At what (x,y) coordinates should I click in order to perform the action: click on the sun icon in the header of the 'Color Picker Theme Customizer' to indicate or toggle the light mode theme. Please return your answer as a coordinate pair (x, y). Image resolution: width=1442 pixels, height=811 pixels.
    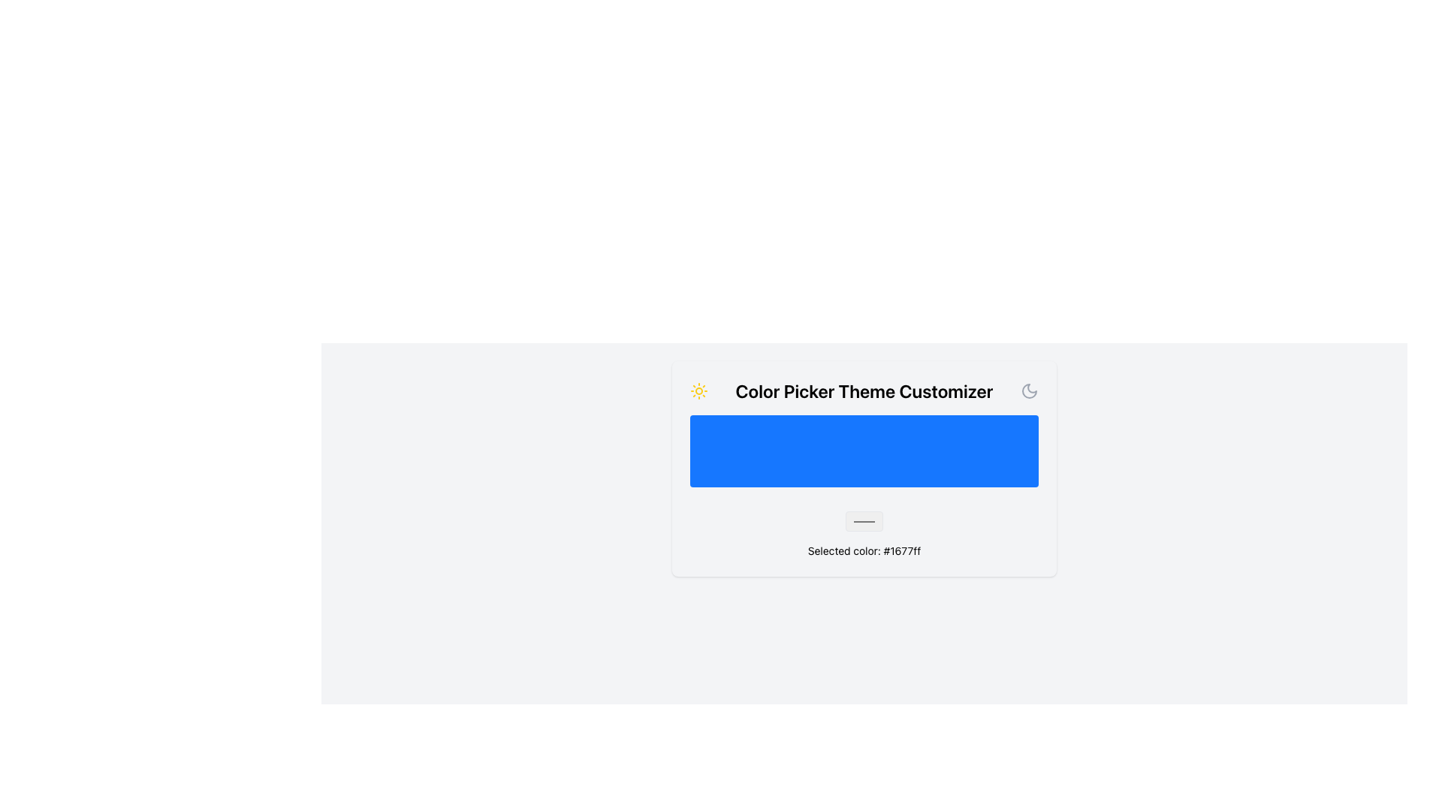
    Looking at the image, I should click on (698, 390).